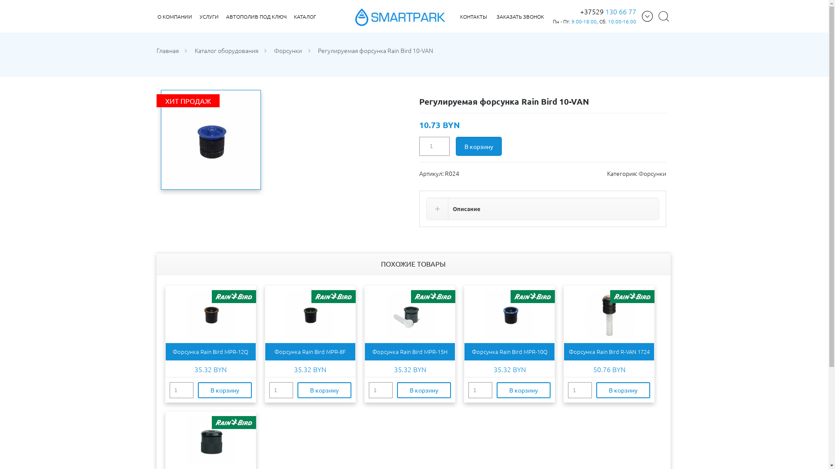  I want to click on '+37529 130 66 77', so click(608, 11).